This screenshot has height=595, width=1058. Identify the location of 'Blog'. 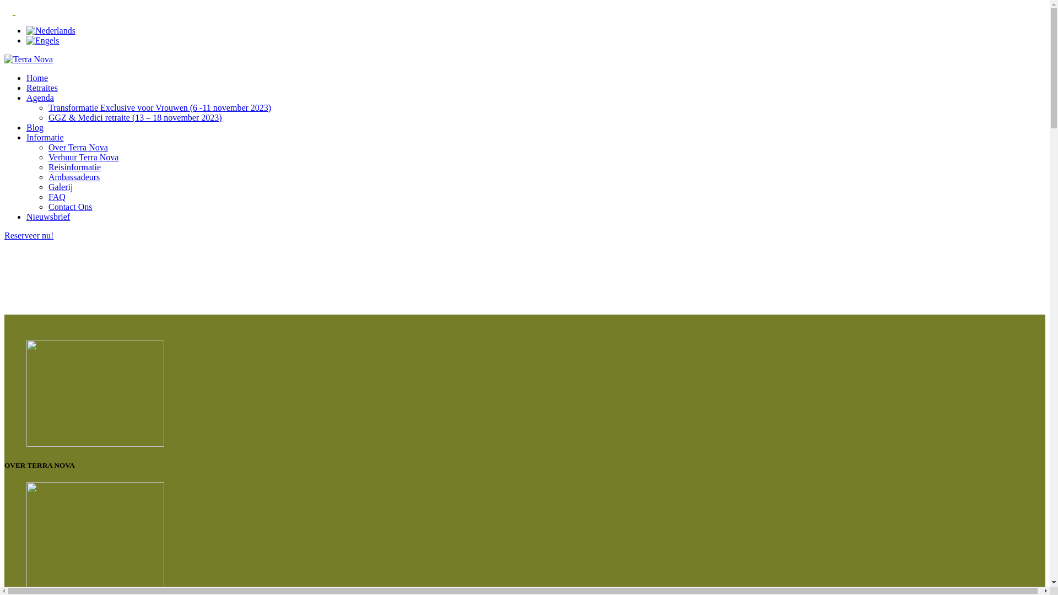
(35, 127).